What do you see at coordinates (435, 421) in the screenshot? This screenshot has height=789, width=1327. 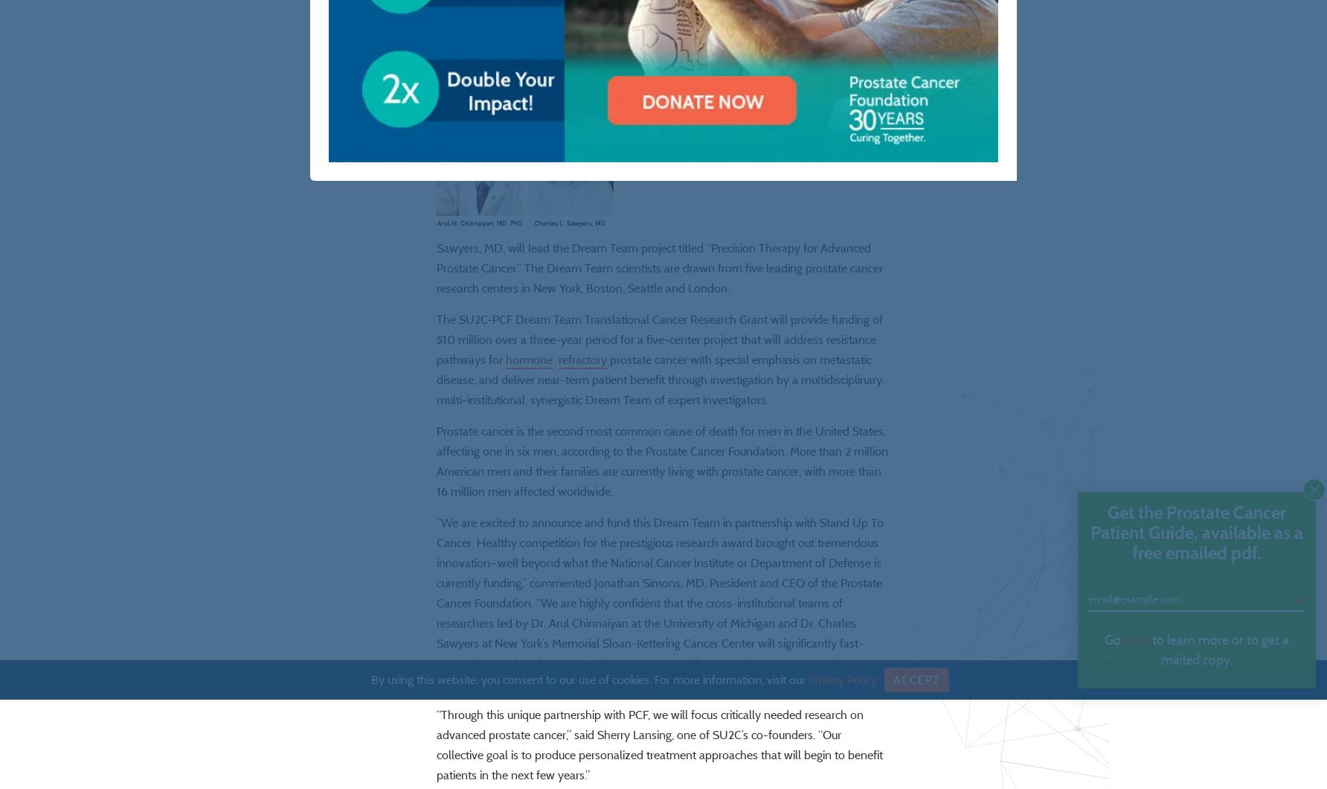 I see `'prostate cancer with special emphasis on metastatic disease, and deliver near-term patient benefit through investigation by a multidisciplinary, multi-institutional, synergistic Dream Team of expert investigators.'` at bounding box center [435, 421].